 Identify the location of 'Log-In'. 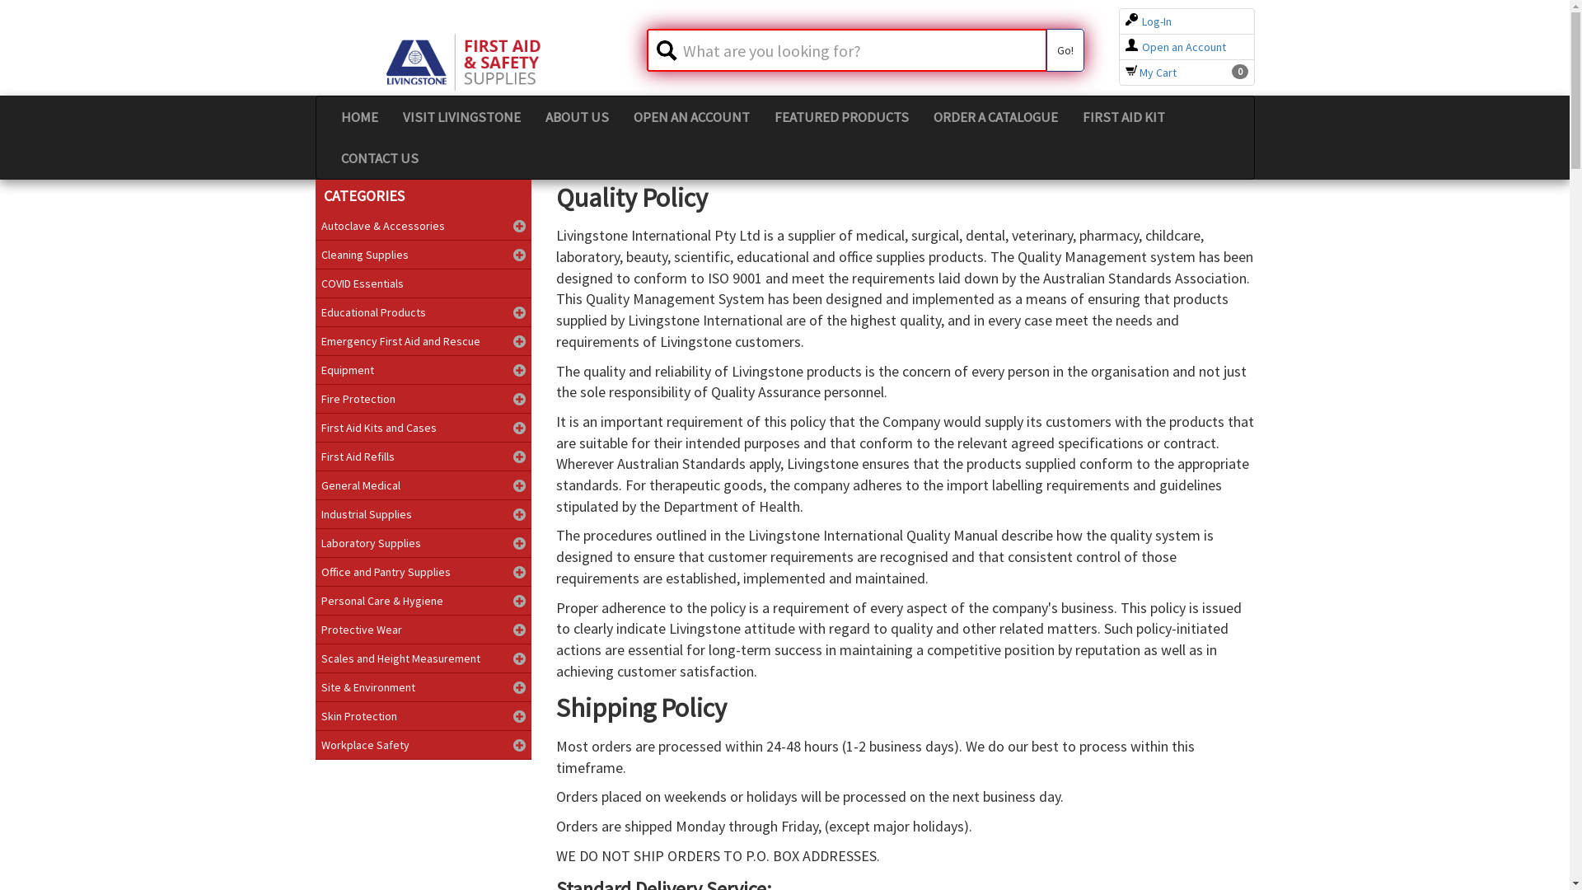
(1147, 21).